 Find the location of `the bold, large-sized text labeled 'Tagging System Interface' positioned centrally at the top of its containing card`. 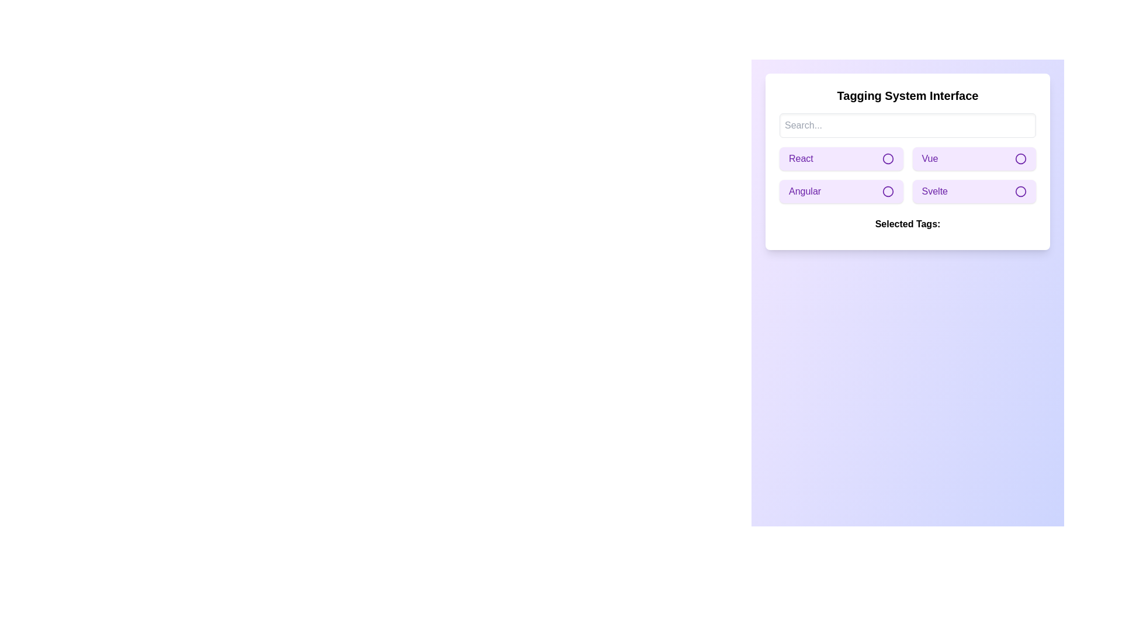

the bold, large-sized text labeled 'Tagging System Interface' positioned centrally at the top of its containing card is located at coordinates (907, 95).